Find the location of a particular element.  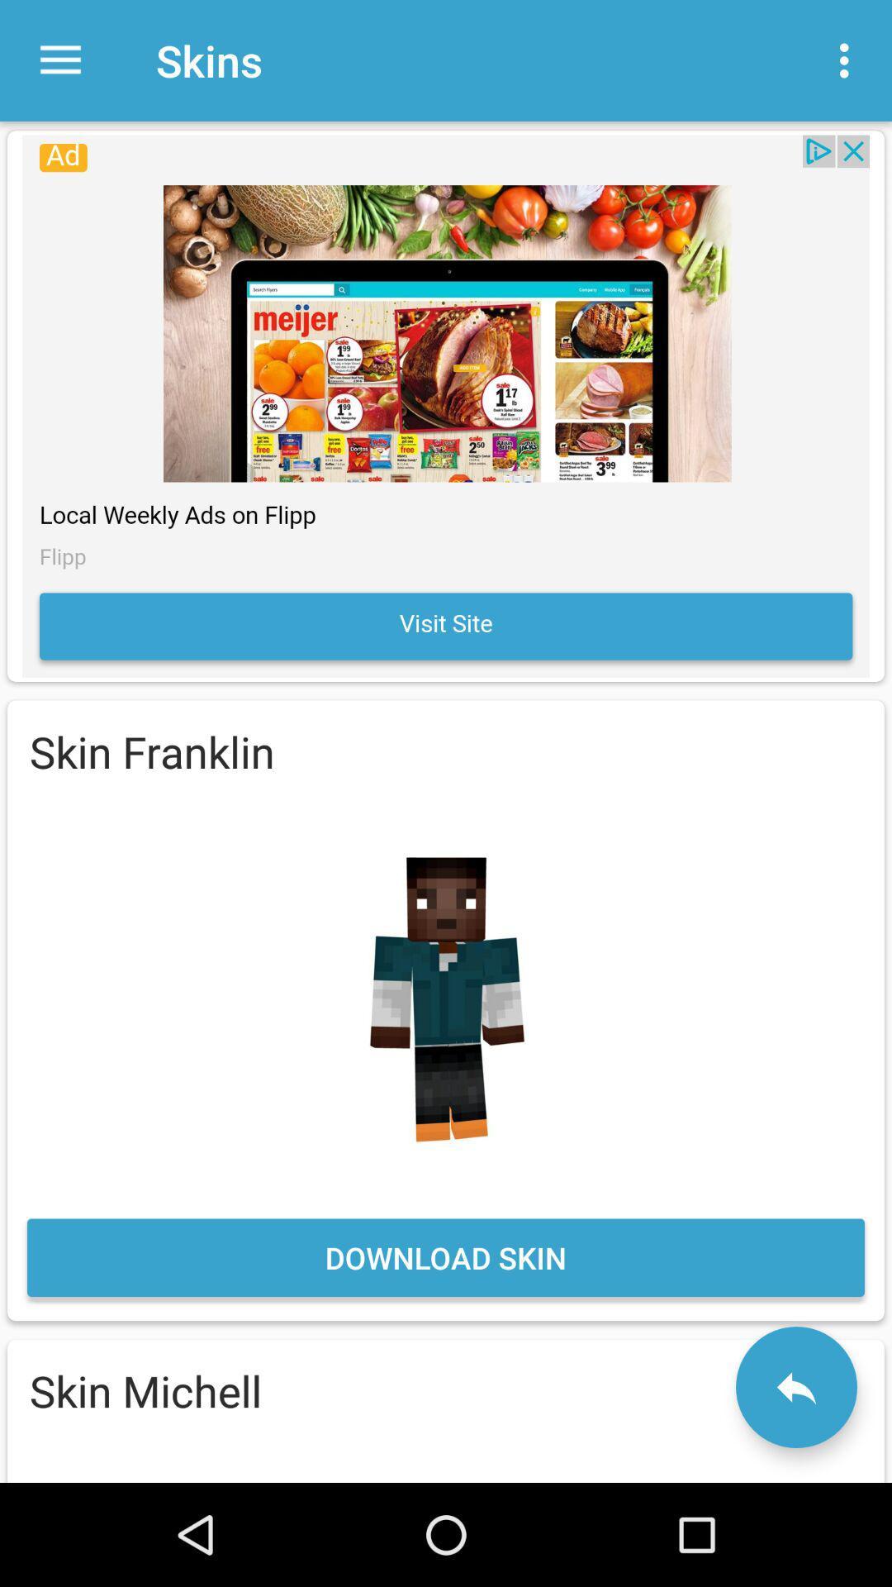

sent page is located at coordinates (795, 1387).